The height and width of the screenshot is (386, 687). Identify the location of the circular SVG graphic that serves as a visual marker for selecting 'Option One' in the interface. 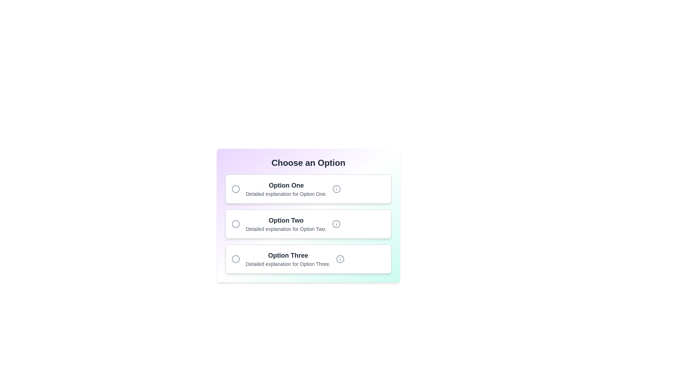
(235, 188).